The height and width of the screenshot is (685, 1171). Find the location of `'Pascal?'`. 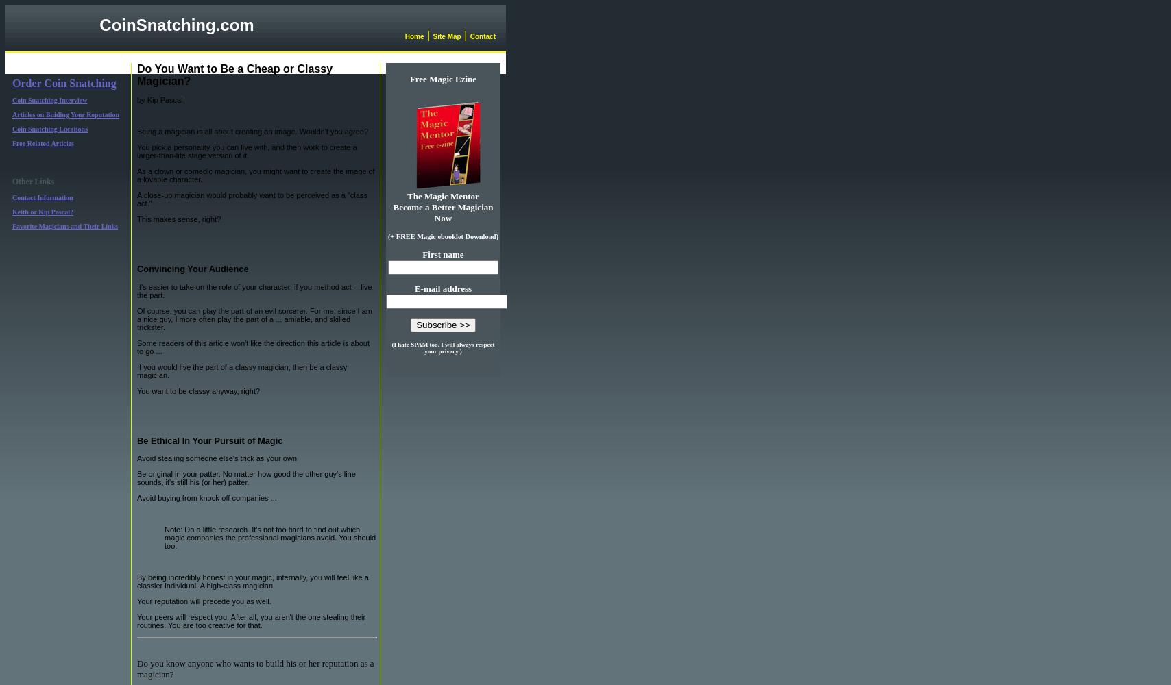

'Pascal?' is located at coordinates (61, 212).